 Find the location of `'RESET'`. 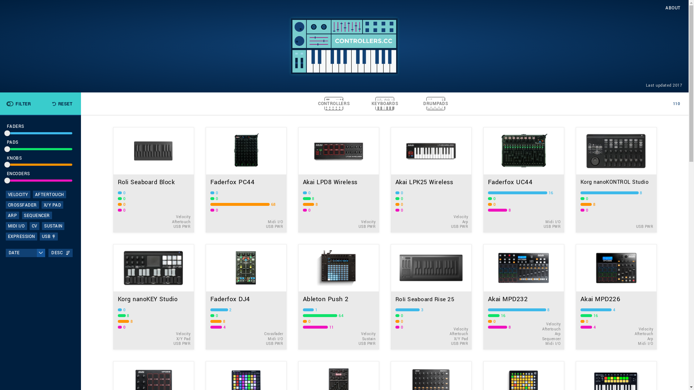

'RESET' is located at coordinates (62, 104).